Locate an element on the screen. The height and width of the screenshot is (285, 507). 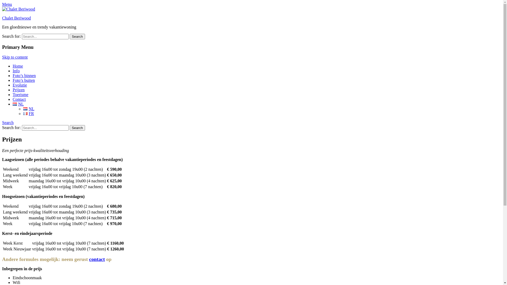
'NL' is located at coordinates (25, 108).